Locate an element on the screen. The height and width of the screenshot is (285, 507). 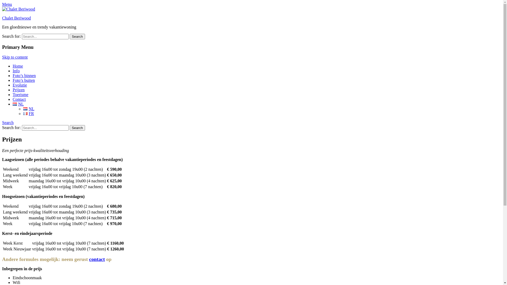
'NL' is located at coordinates (25, 108).